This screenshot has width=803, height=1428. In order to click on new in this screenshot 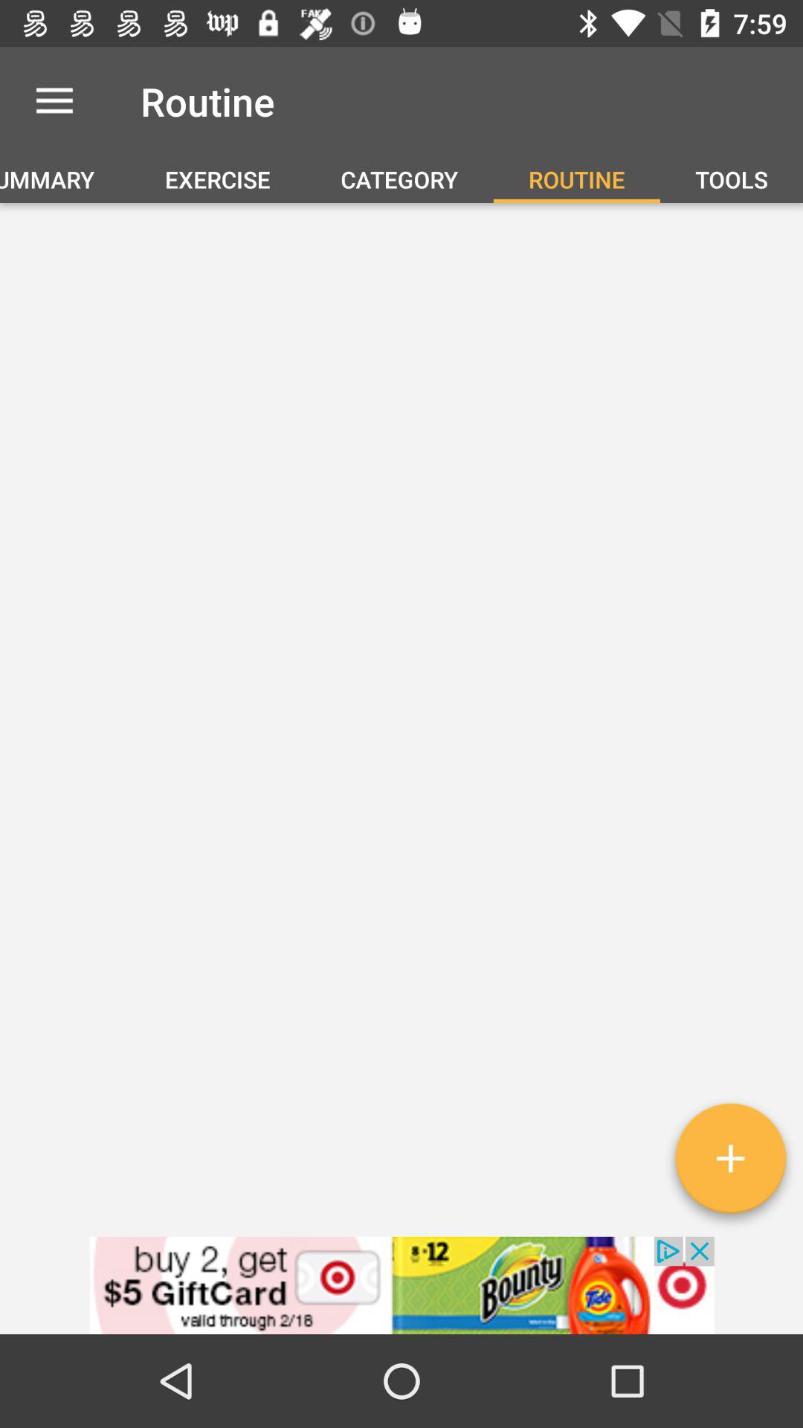, I will do `click(729, 1163)`.